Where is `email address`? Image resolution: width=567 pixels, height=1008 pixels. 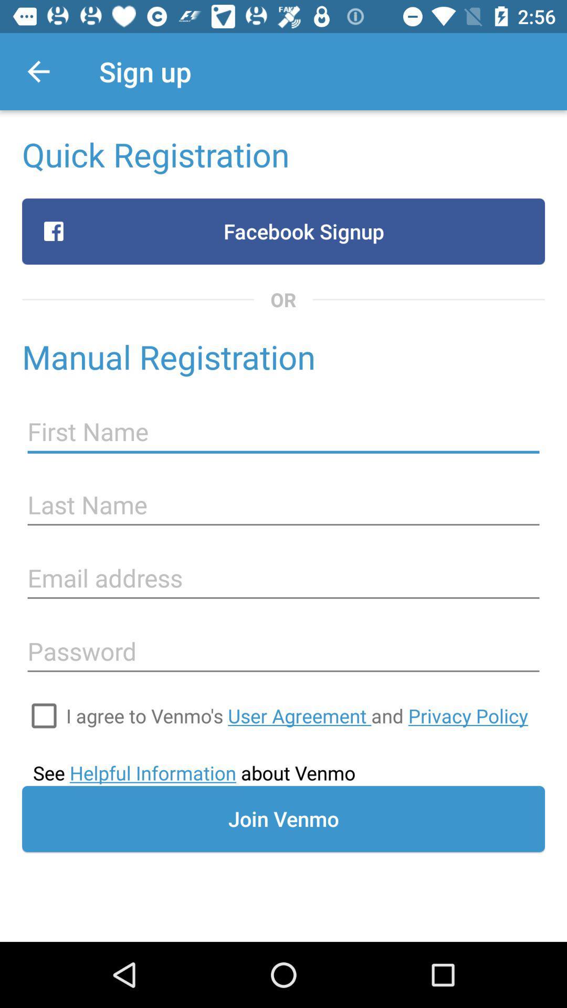
email address is located at coordinates (283, 577).